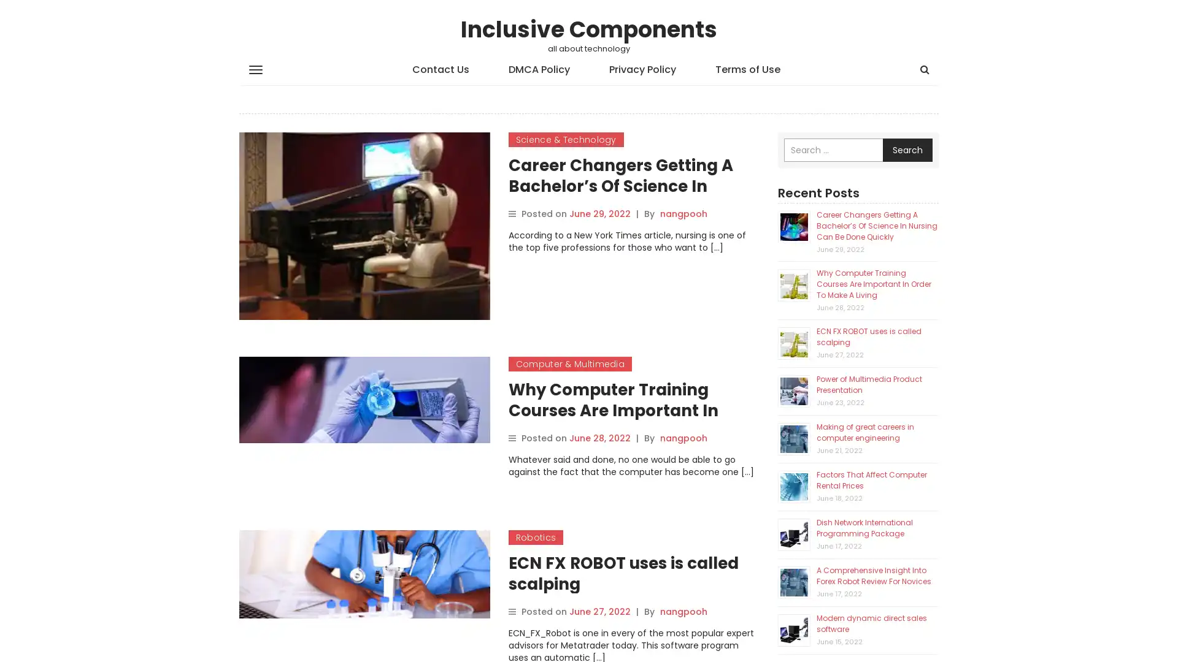 The height and width of the screenshot is (662, 1178). I want to click on Search, so click(907, 150).